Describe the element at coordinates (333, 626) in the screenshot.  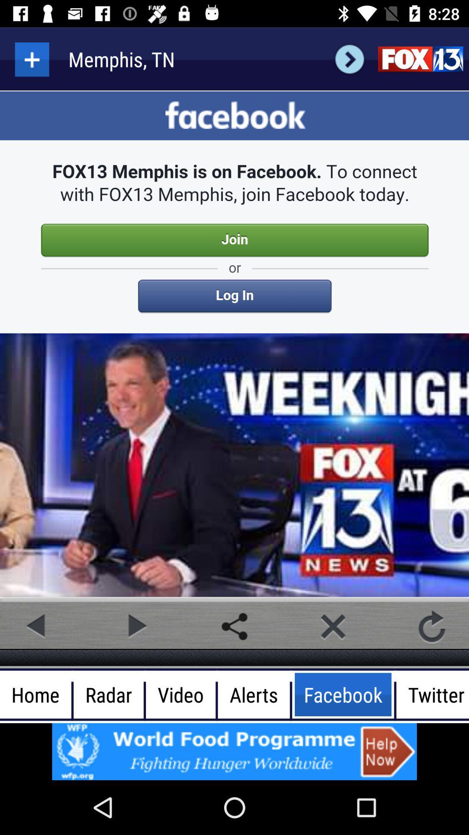
I see `close option` at that location.